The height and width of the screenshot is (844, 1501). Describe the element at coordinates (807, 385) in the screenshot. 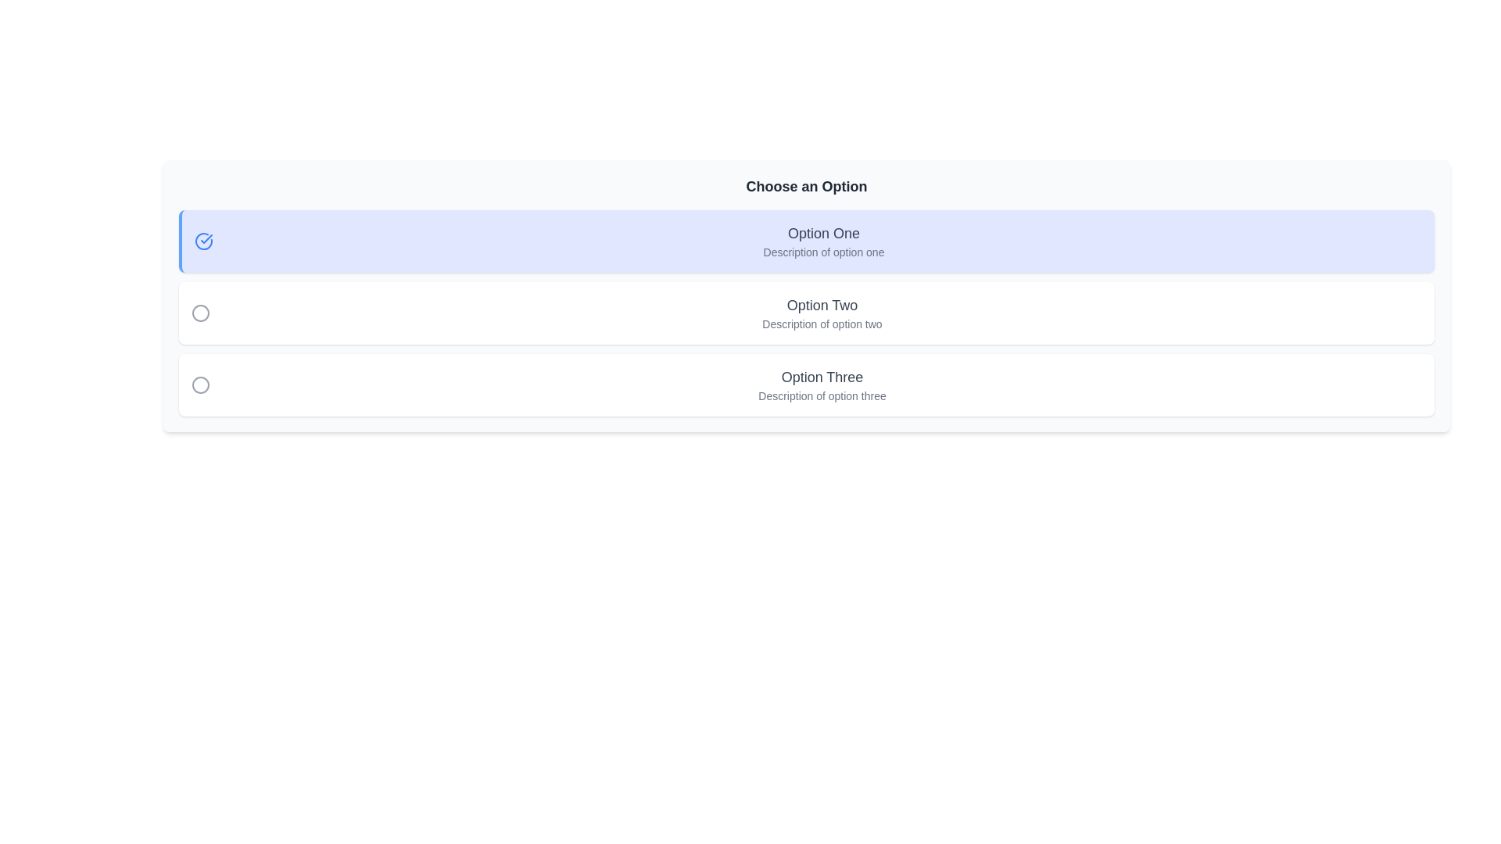

I see `the 'Option Three' button with a white background and rounded corners` at that location.